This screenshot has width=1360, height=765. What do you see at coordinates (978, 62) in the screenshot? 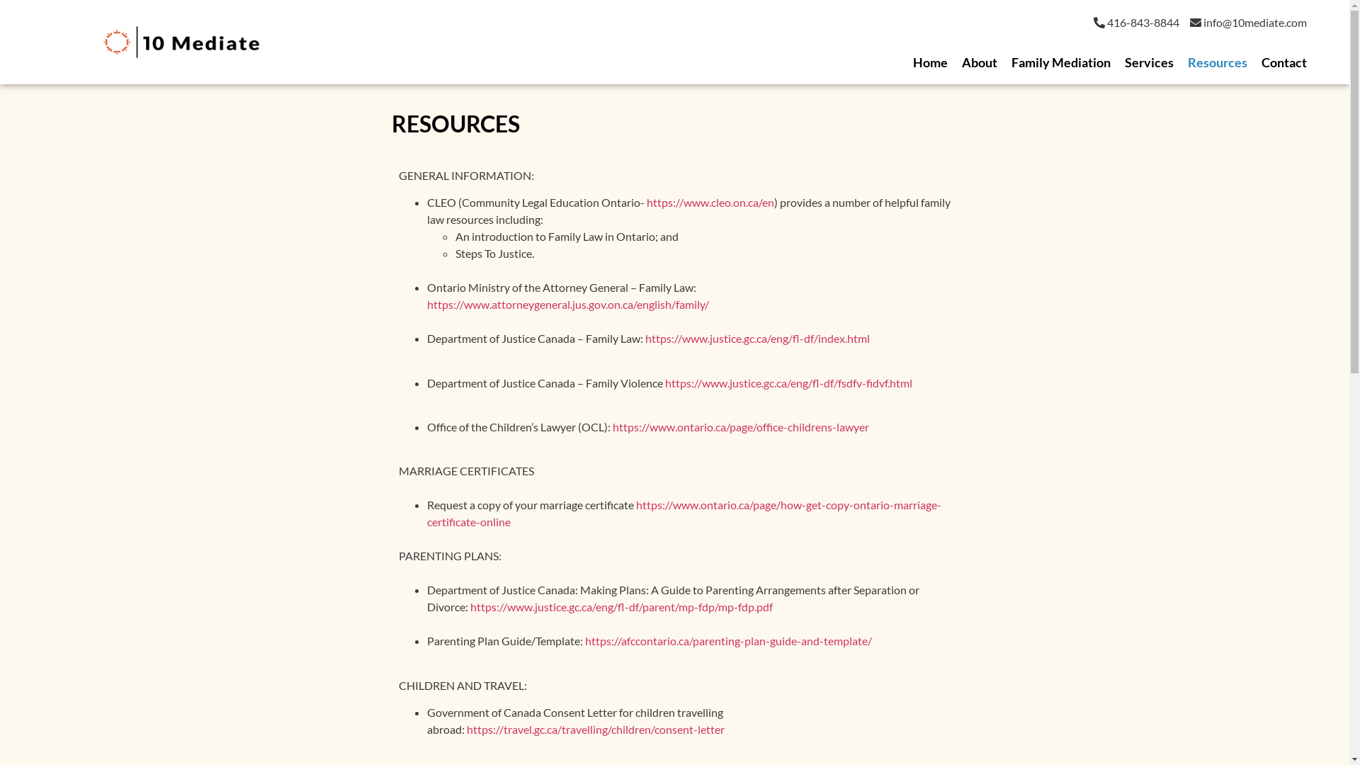
I see `'About'` at bounding box center [978, 62].